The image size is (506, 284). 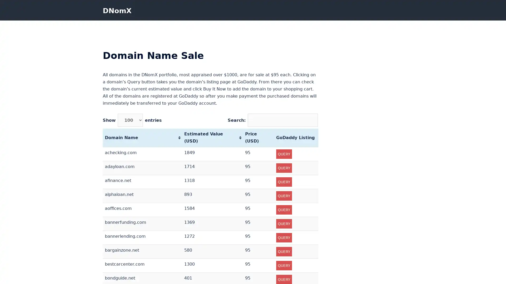 What do you see at coordinates (283, 210) in the screenshot?
I see `QUERY` at bounding box center [283, 210].